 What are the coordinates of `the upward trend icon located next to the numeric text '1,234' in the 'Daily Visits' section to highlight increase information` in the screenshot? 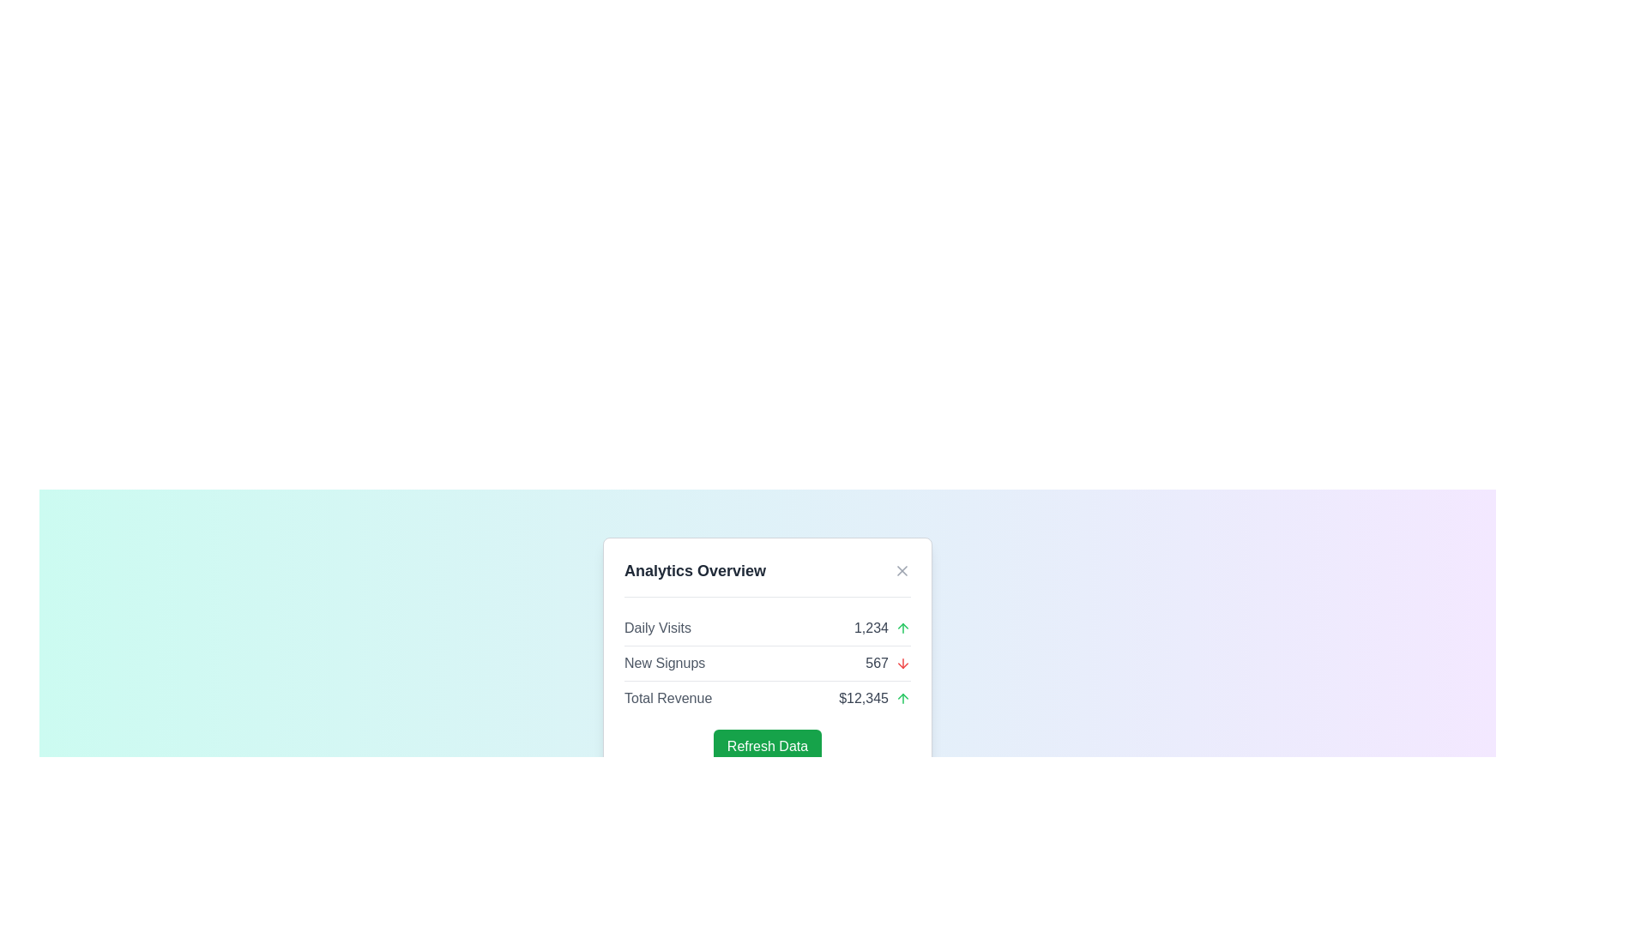 It's located at (902, 628).